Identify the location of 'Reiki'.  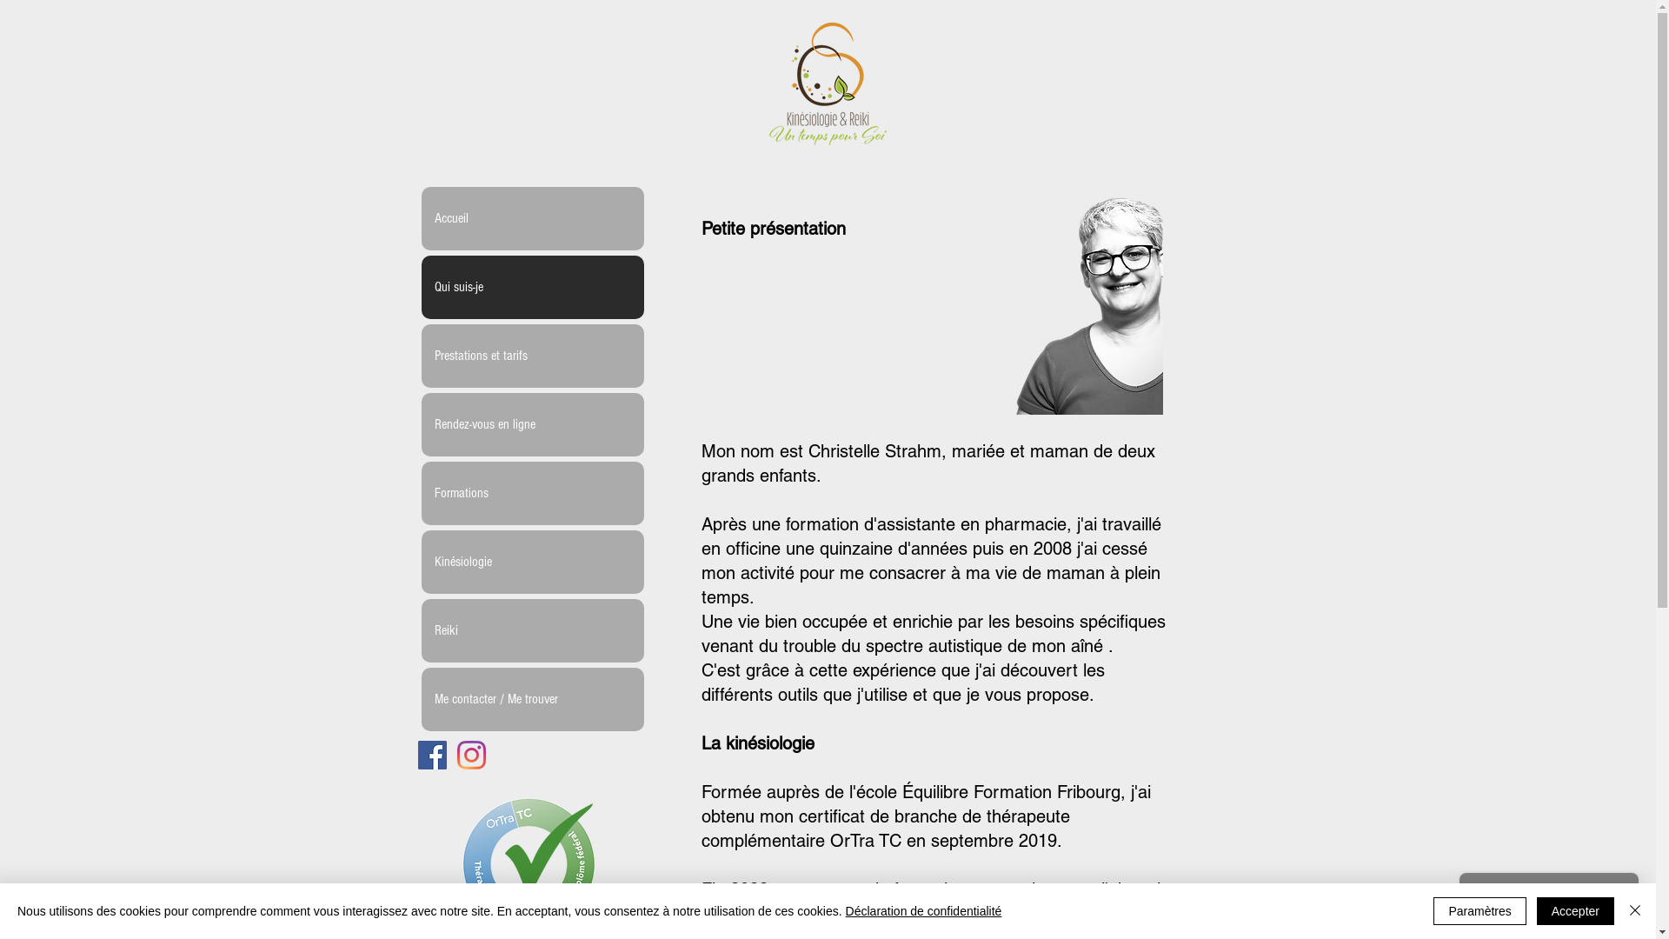
(530, 630).